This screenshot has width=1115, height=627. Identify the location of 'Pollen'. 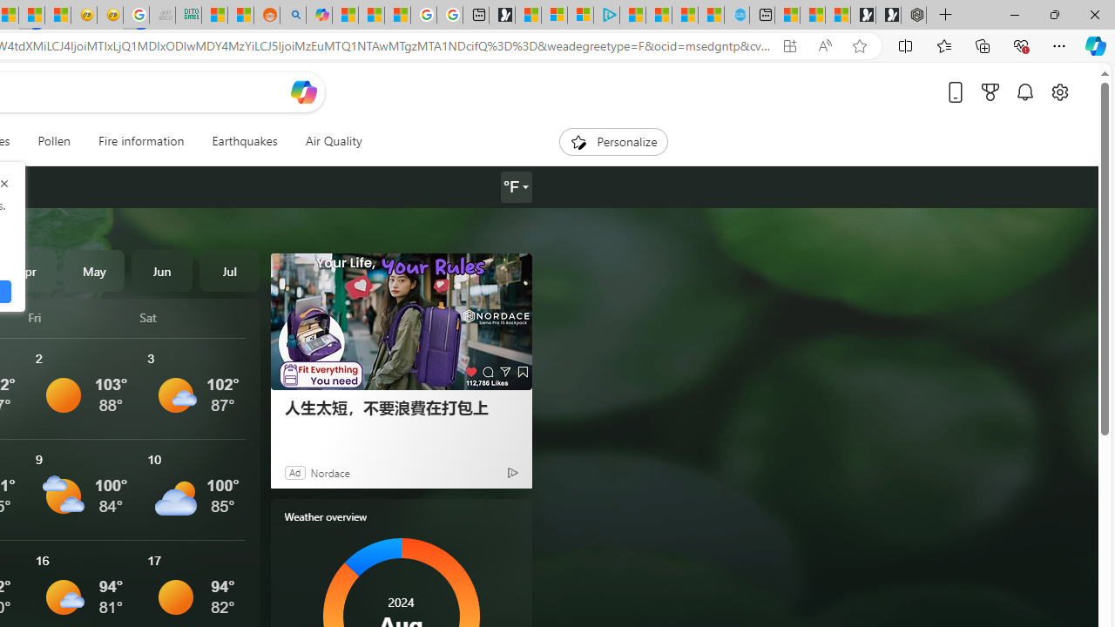
(54, 141).